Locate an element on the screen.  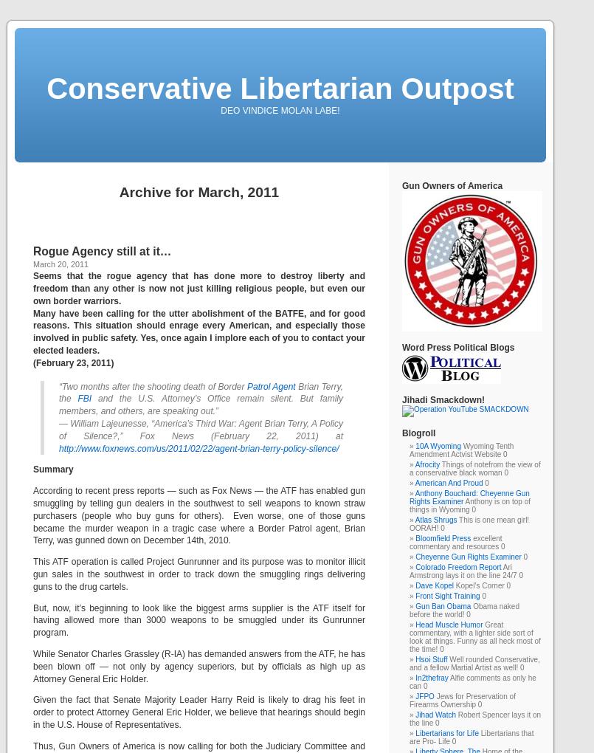
'Gun Ban Obama' is located at coordinates (415, 606).